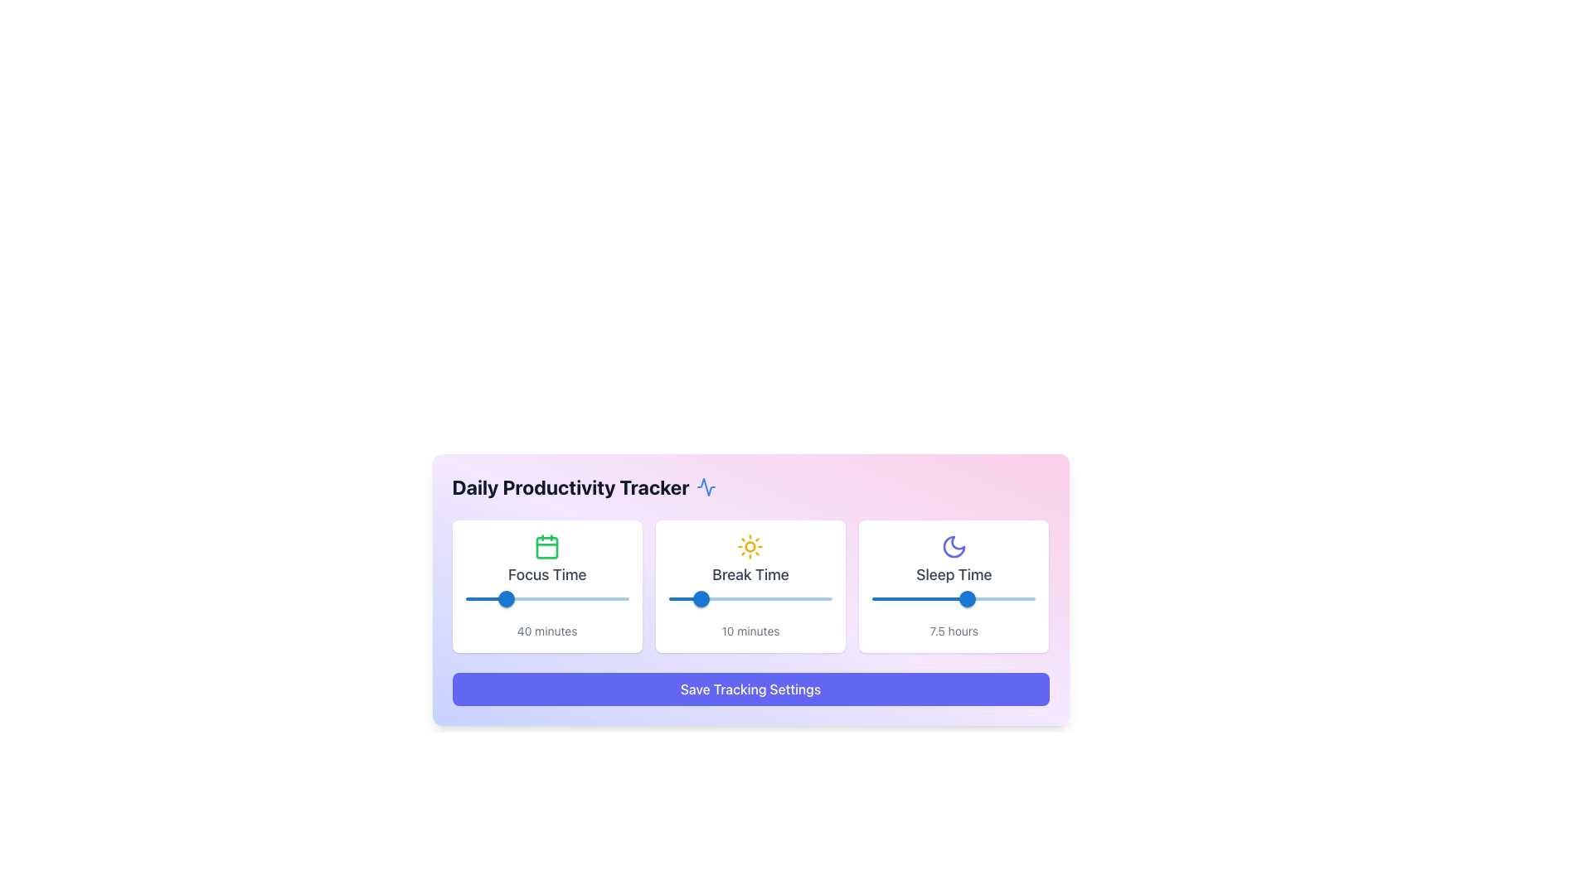 Image resolution: width=1592 pixels, height=895 pixels. I want to click on the slider value, so click(995, 598).